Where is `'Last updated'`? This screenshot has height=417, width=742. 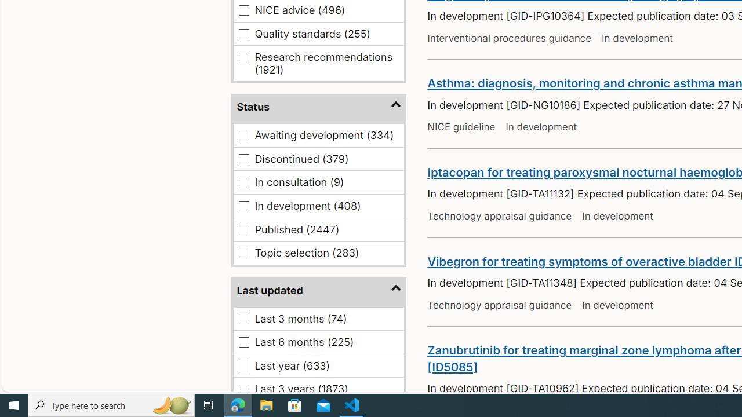
'Last updated' is located at coordinates (319, 290).